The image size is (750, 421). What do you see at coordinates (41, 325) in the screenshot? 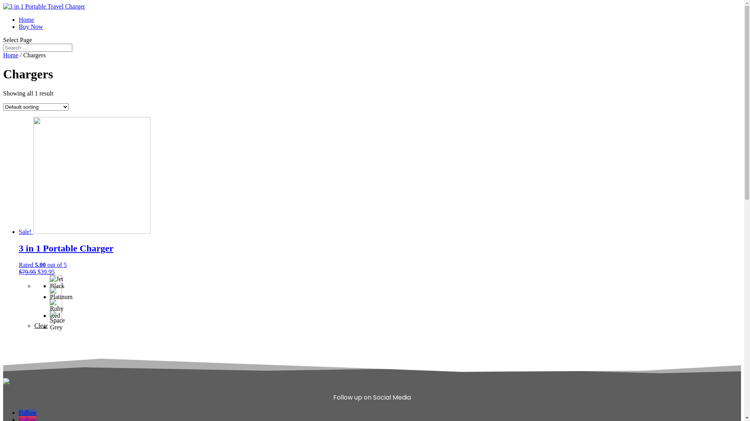
I see `'Clear'` at bounding box center [41, 325].